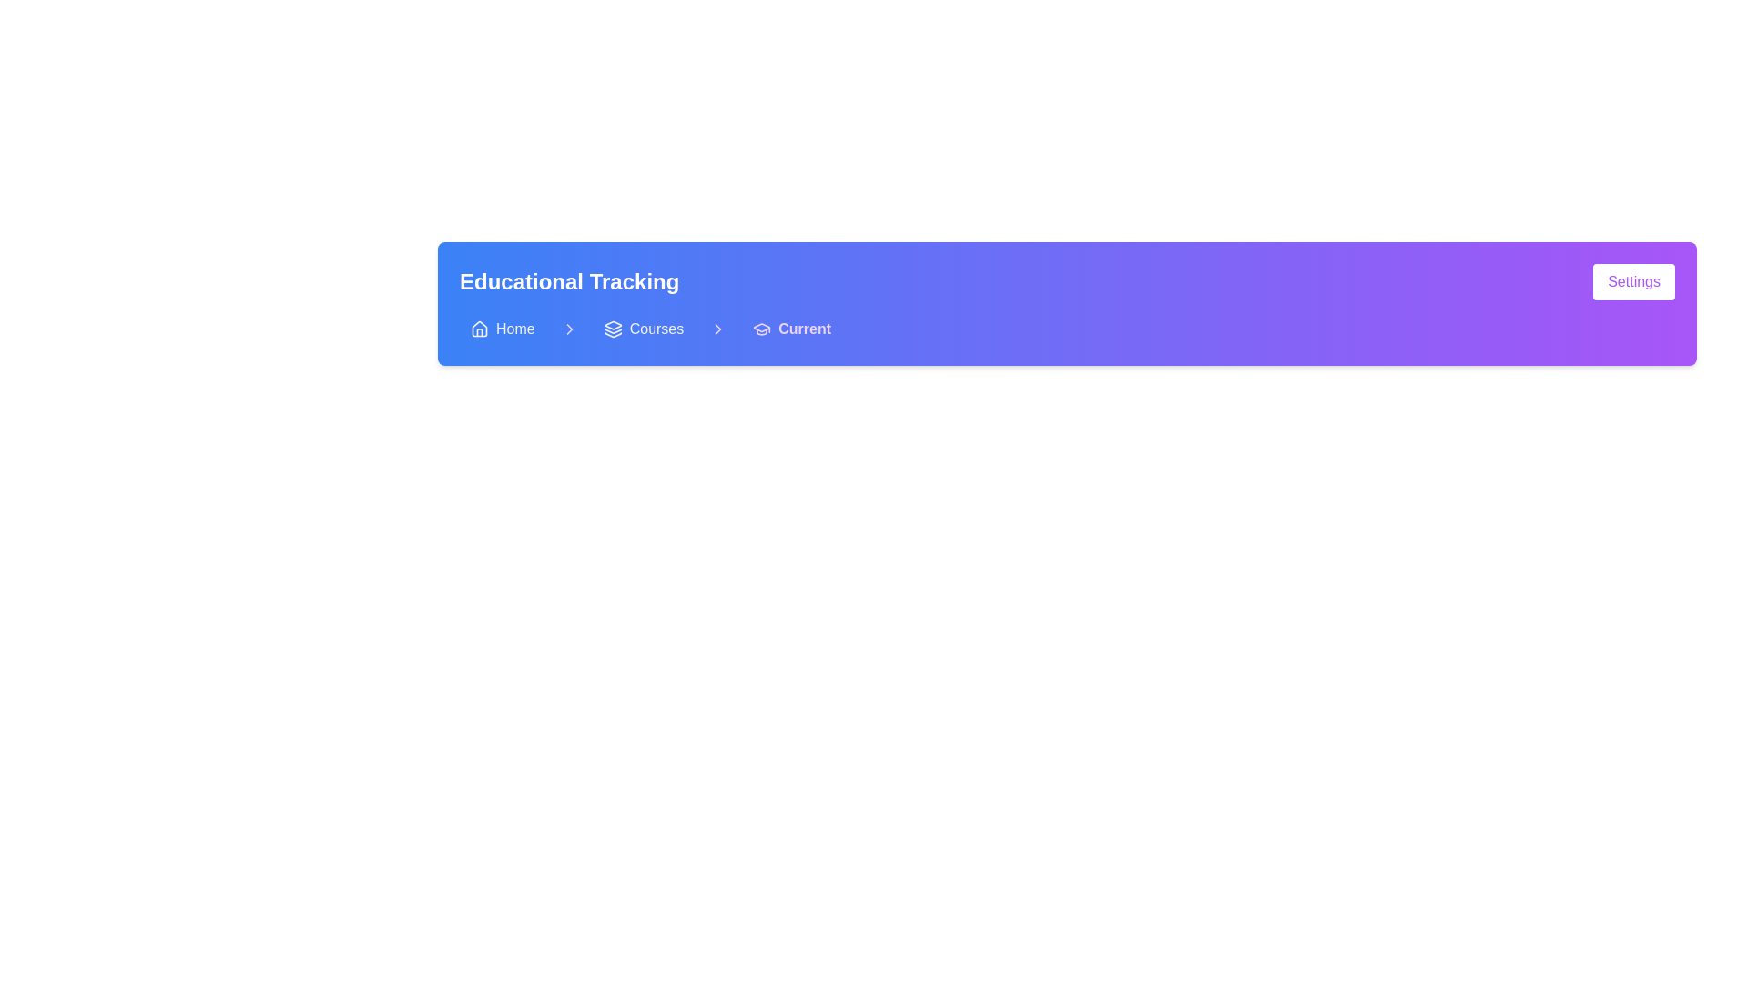  What do you see at coordinates (644, 329) in the screenshot?
I see `the 'Courses' breadcrumb navigation link` at bounding box center [644, 329].